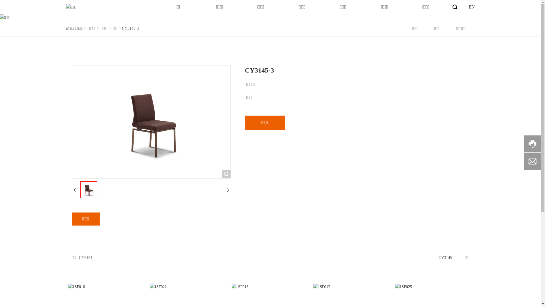 The height and width of the screenshot is (306, 545). I want to click on '1SF012', so click(352, 287).